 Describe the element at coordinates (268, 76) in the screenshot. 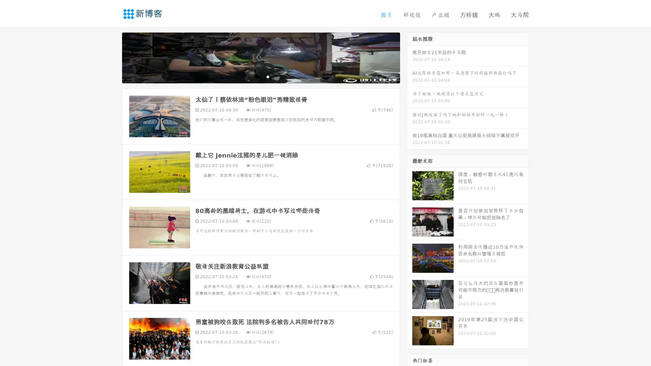

I see `Go to slide 3` at that location.